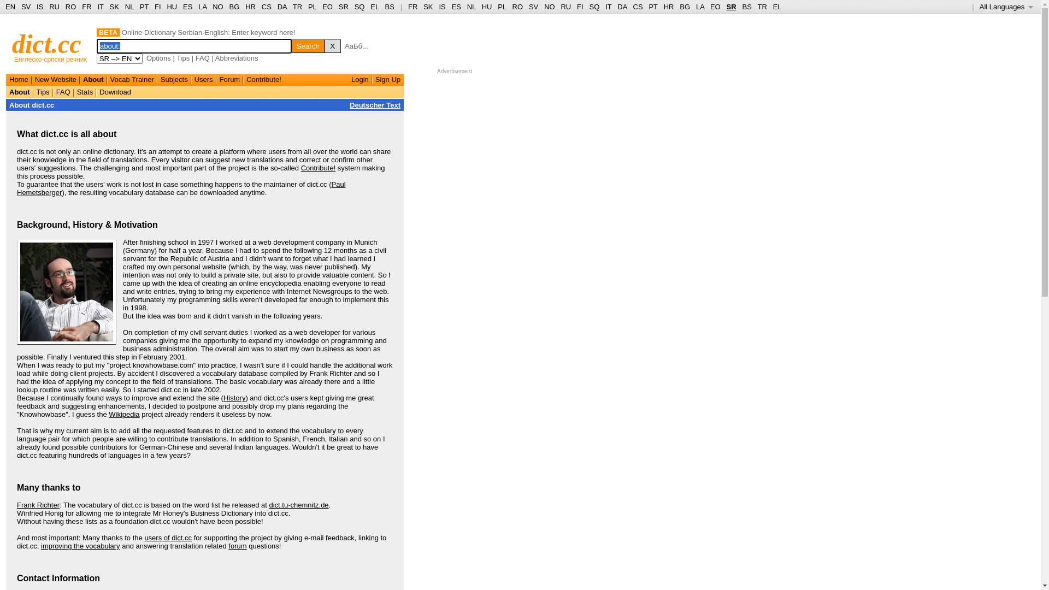  What do you see at coordinates (204, 79) in the screenshot?
I see `'Users'` at bounding box center [204, 79].